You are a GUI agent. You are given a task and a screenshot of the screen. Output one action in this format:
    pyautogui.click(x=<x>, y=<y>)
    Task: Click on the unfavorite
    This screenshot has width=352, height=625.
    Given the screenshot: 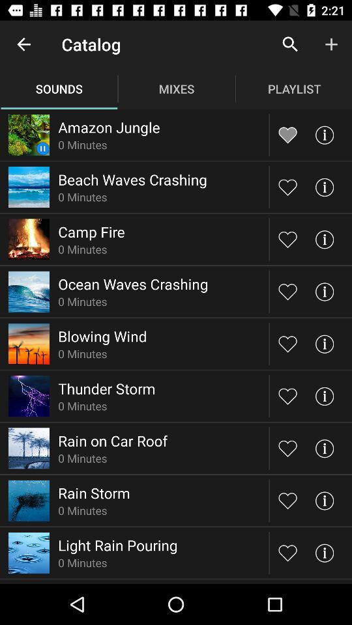 What is the action you would take?
    pyautogui.click(x=287, y=135)
    